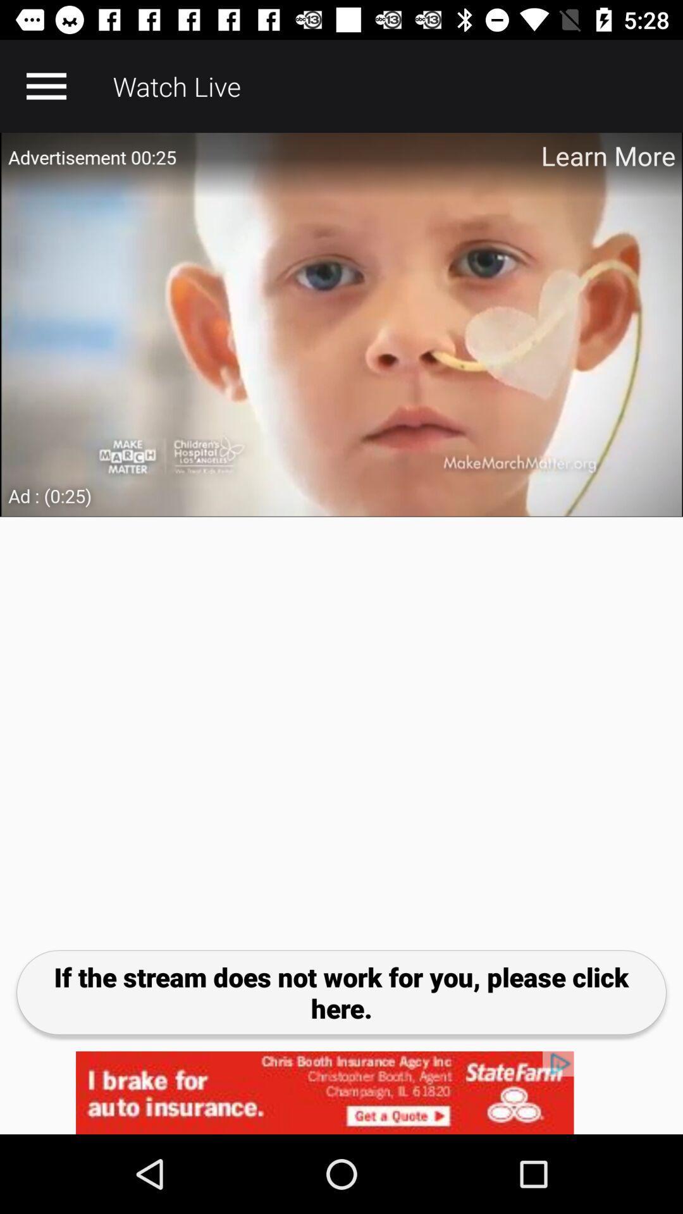  What do you see at coordinates (341, 324) in the screenshot?
I see `adverstisment` at bounding box center [341, 324].